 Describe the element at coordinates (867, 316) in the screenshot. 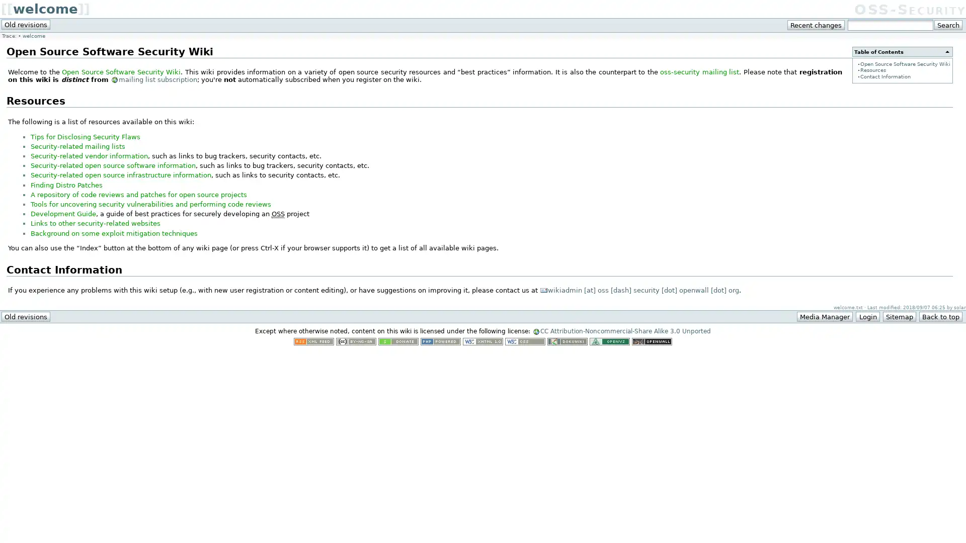

I see `Login` at that location.